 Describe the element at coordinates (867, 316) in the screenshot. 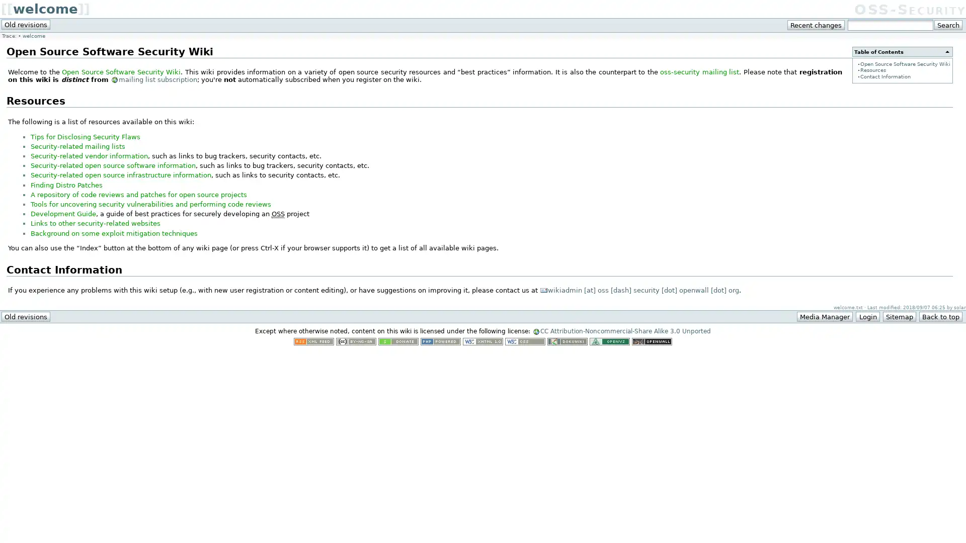

I see `Login` at that location.